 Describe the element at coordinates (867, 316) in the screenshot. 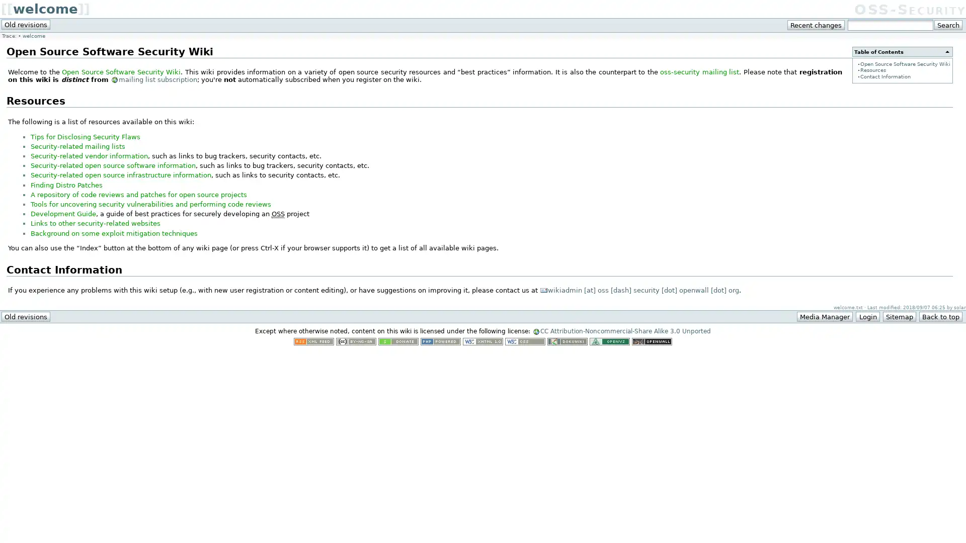

I see `Login` at that location.